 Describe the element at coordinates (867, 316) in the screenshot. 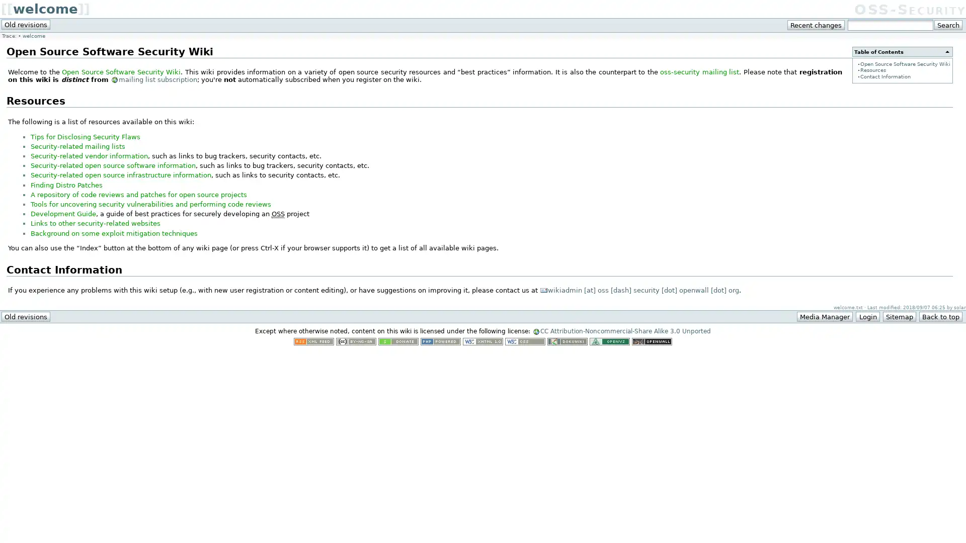

I see `Login` at that location.